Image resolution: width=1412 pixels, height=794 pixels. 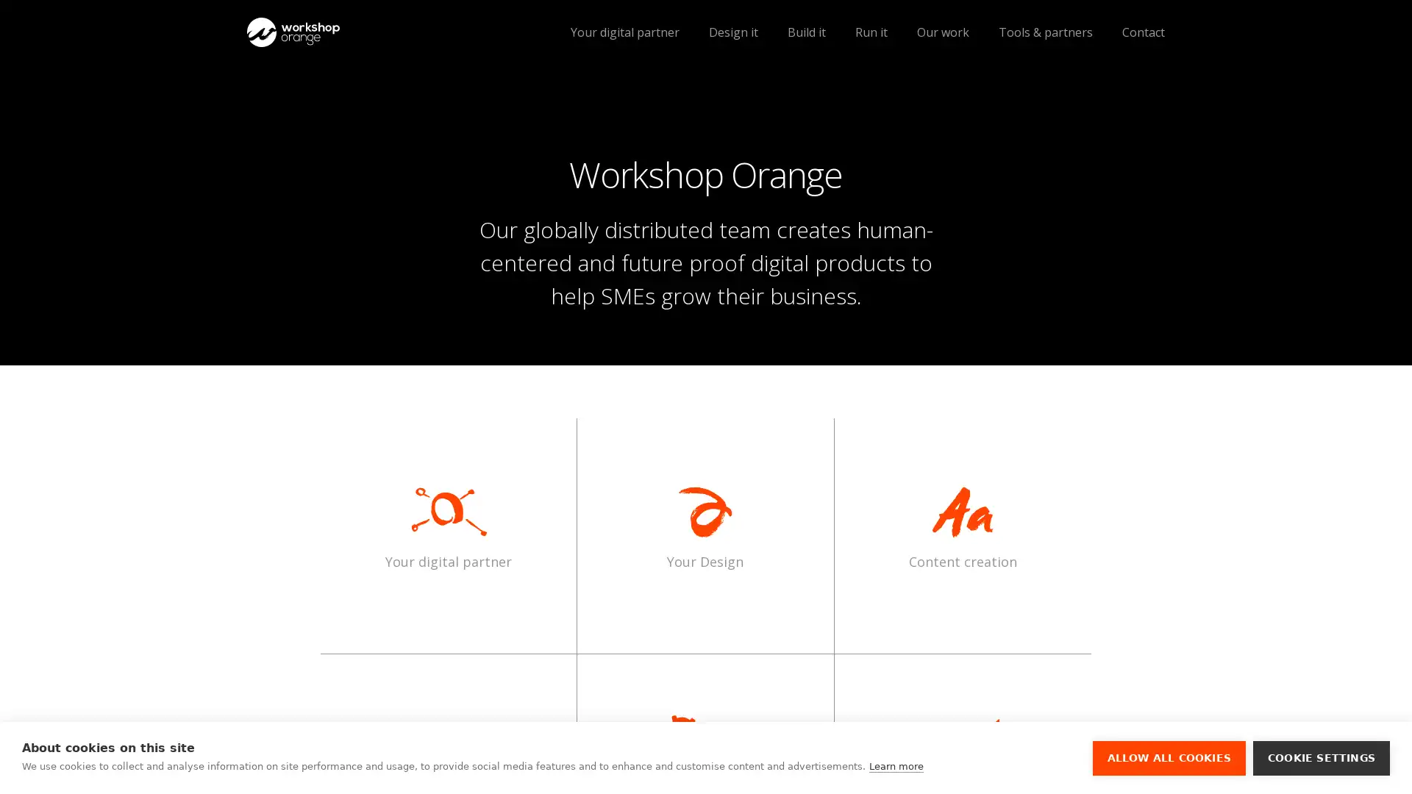 I want to click on Design it, so click(x=733, y=32).